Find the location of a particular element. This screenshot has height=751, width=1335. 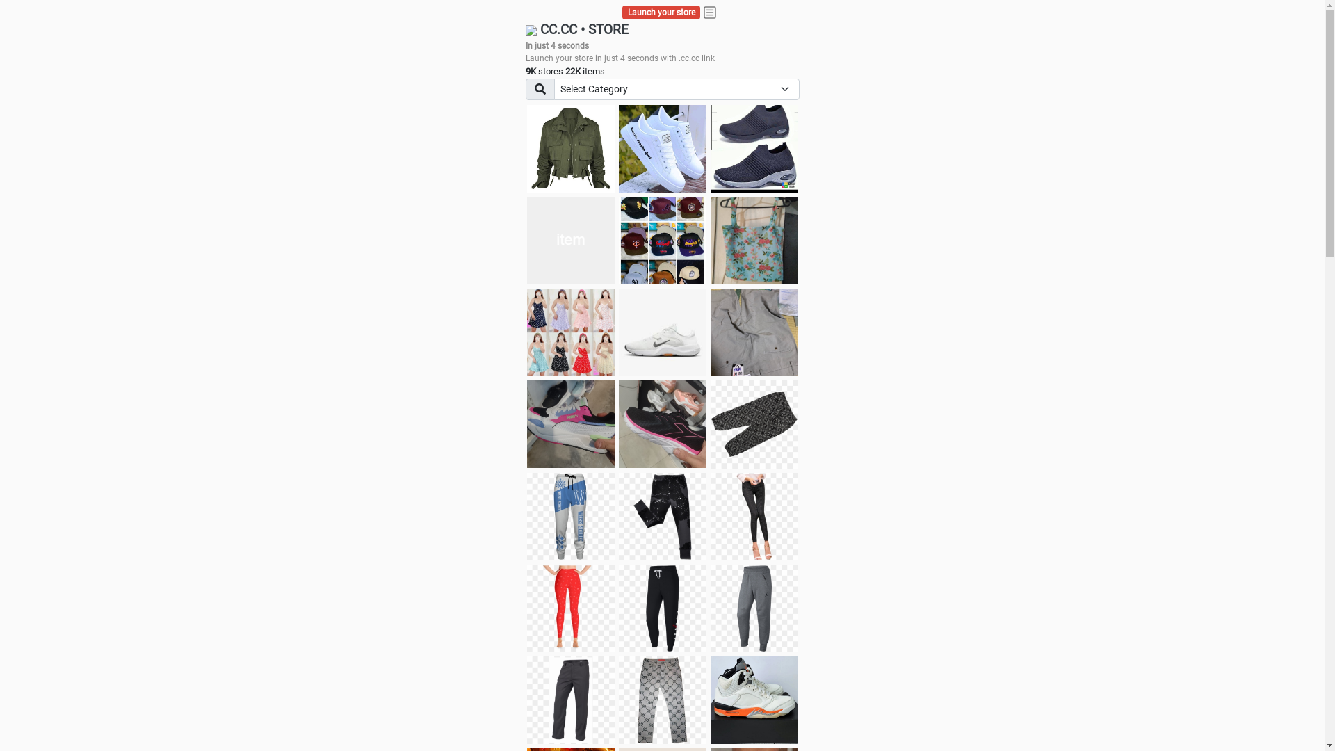

'jacket' is located at coordinates (570, 148).